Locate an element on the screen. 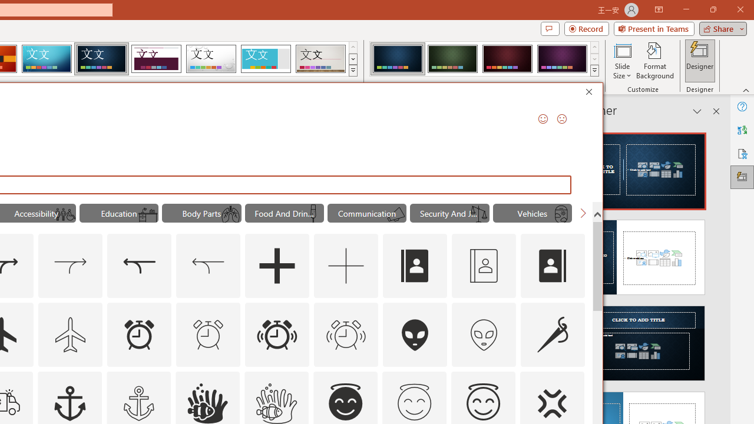 The width and height of the screenshot is (754, 424). 'AutomationID: Icons_AlterationsTailoring' is located at coordinates (552, 334).